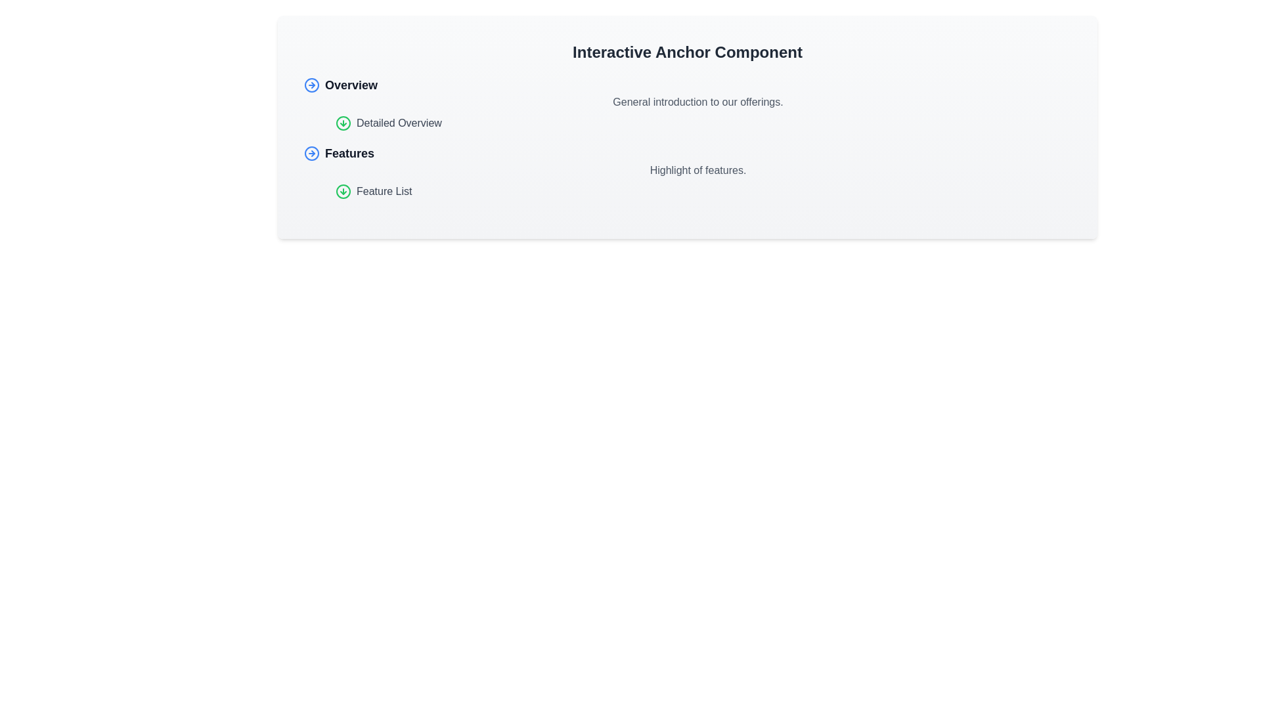 Image resolution: width=1261 pixels, height=709 pixels. Describe the element at coordinates (343, 192) in the screenshot. I see `the green circular icon with a downward arrow inside it, located to the left of the text 'Feature List' in the 'Features' section` at that location.